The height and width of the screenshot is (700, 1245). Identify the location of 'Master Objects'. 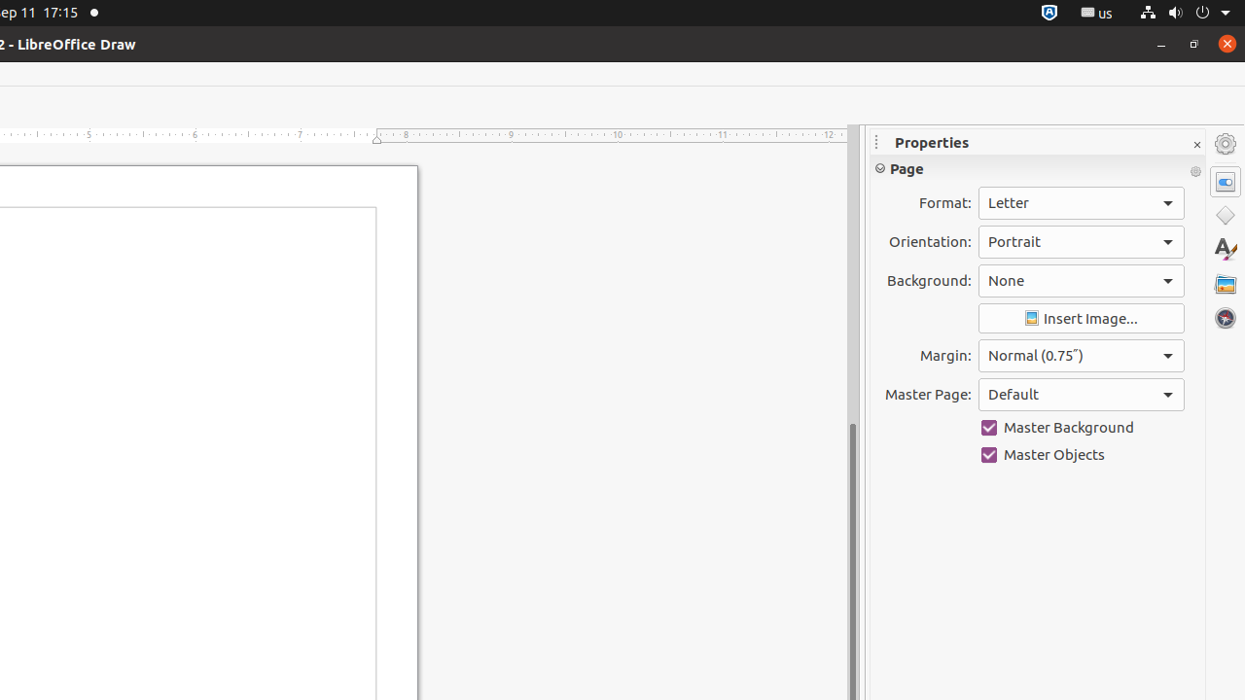
(1080, 455).